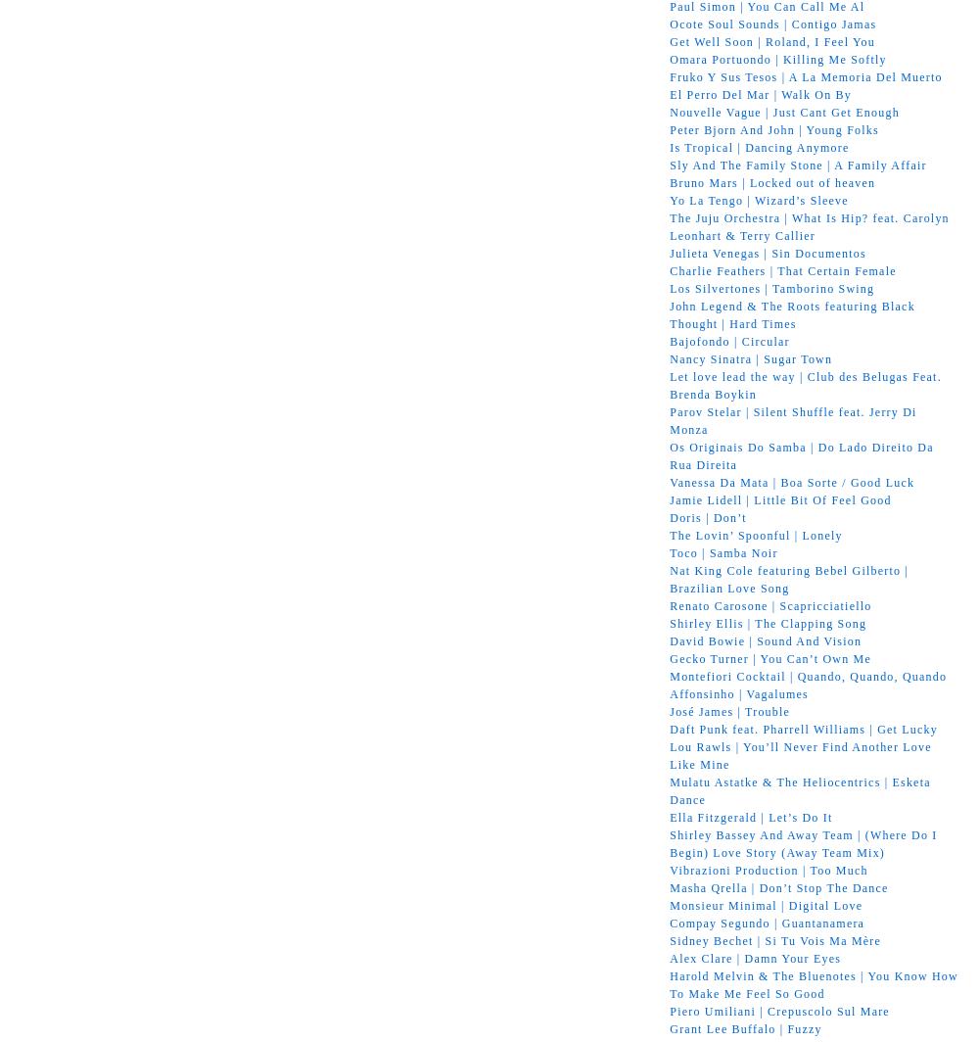  What do you see at coordinates (771, 287) in the screenshot?
I see `'Los Silvertones | Tamborino Swing'` at bounding box center [771, 287].